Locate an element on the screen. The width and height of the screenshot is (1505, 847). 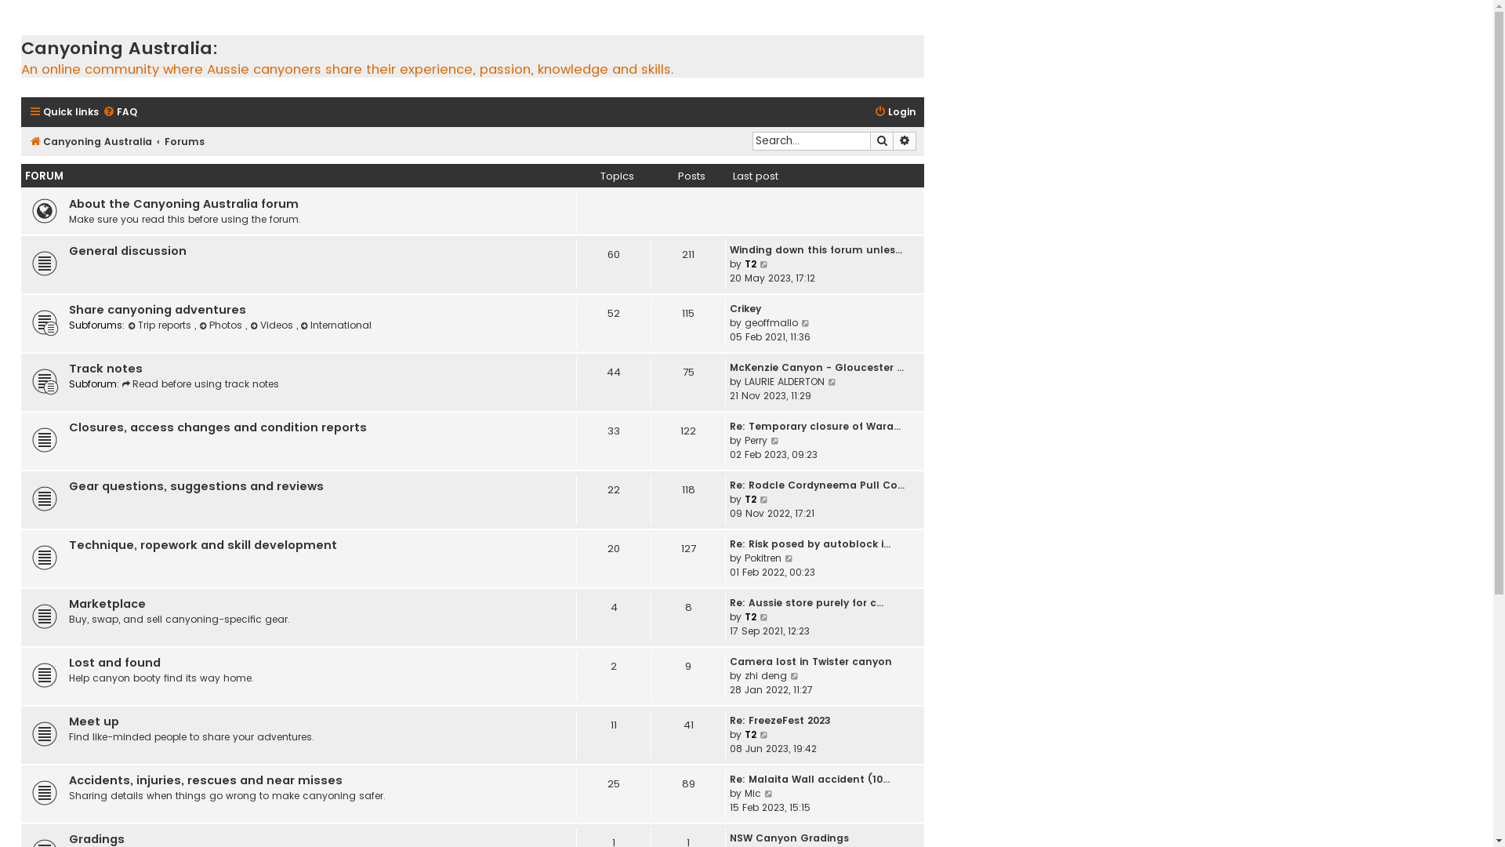
'International' is located at coordinates (335, 324).